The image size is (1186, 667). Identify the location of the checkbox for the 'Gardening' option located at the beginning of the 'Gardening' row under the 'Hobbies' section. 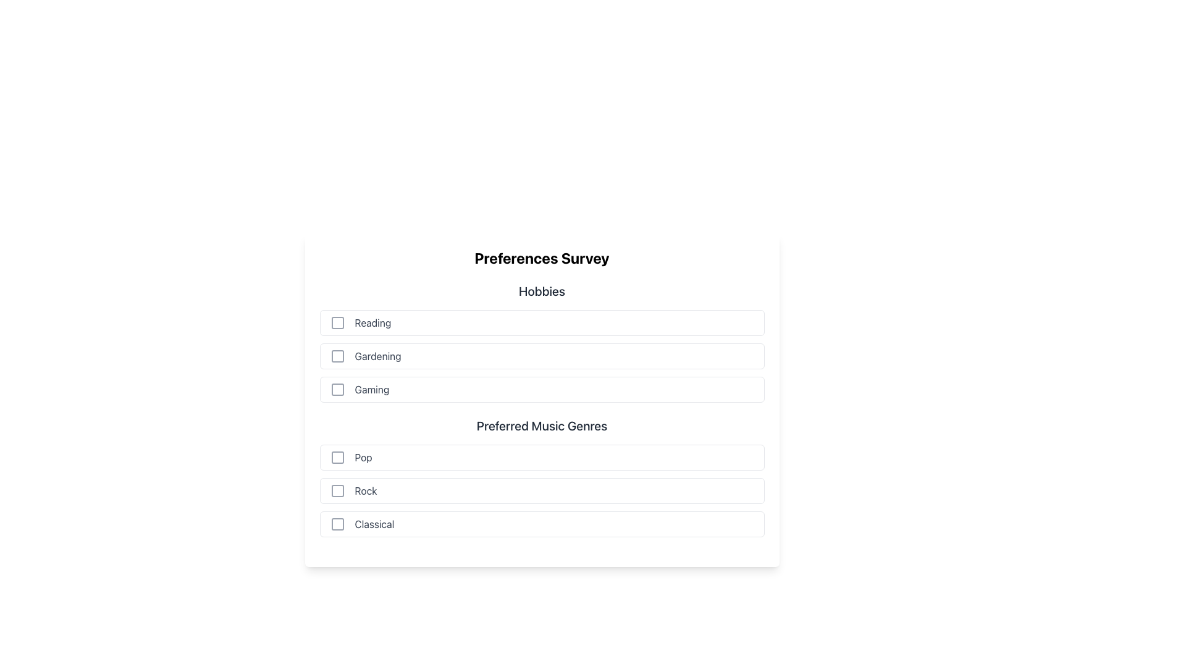
(337, 356).